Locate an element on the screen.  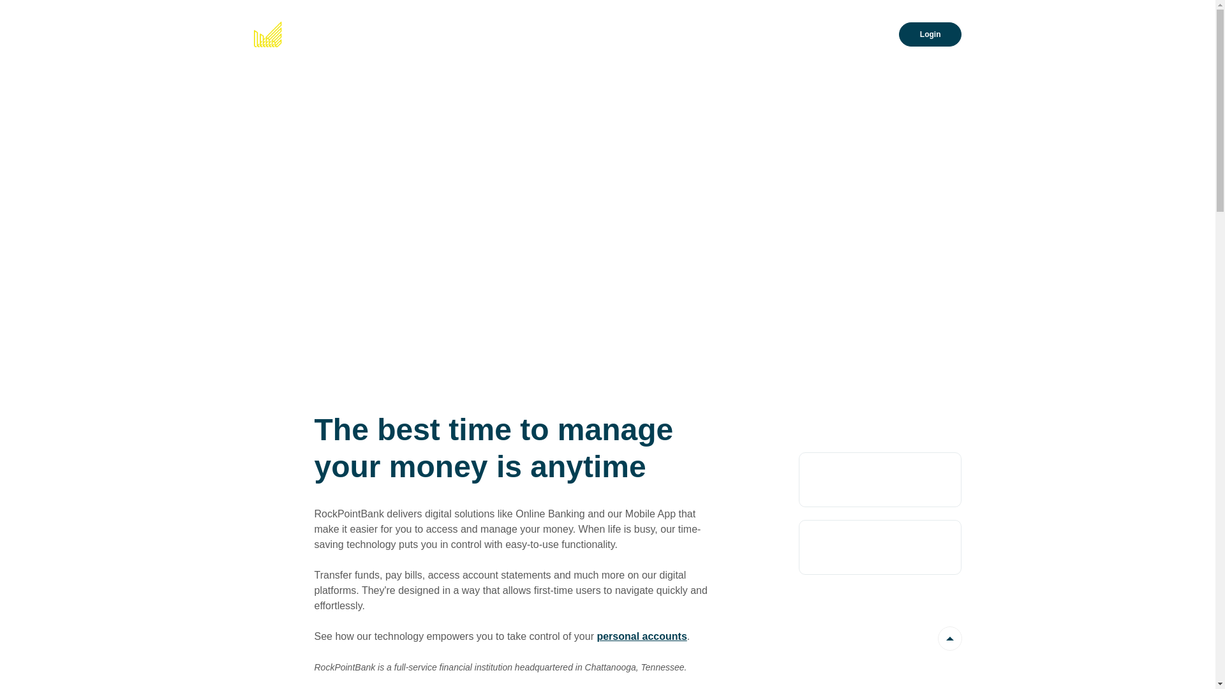
'Back to the top' is located at coordinates (949, 639).